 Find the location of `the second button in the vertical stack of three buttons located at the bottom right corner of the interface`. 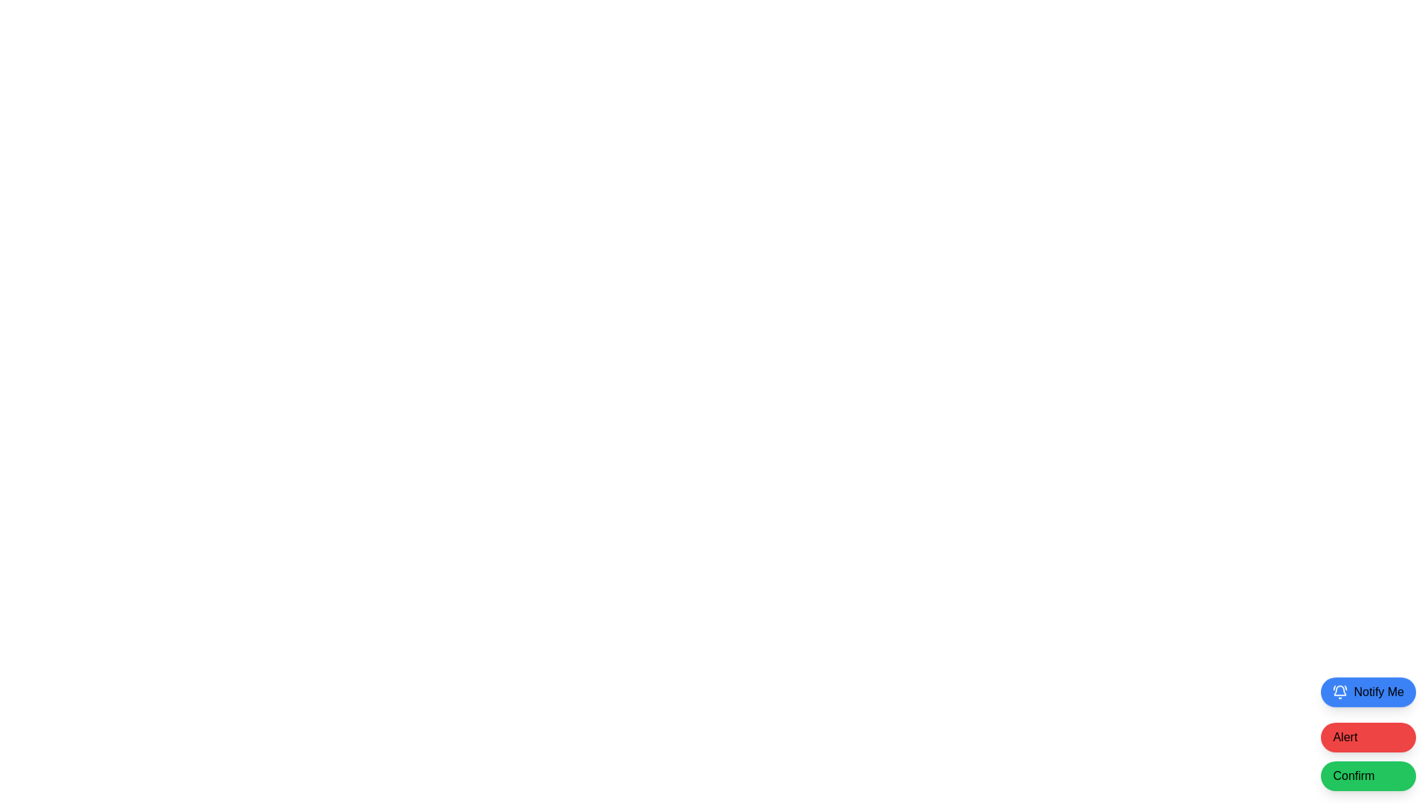

the second button in the vertical stack of three buttons located at the bottom right corner of the interface is located at coordinates (1368, 737).